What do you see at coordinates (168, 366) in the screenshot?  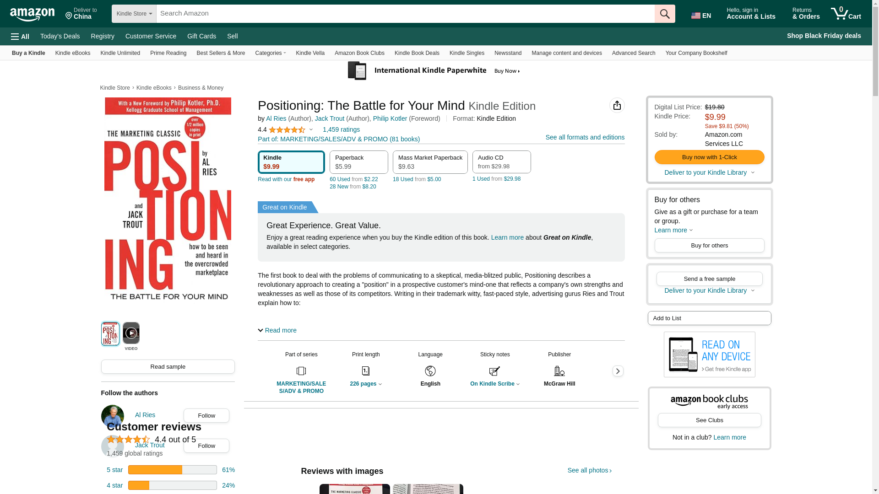 I see `'Read sample'` at bounding box center [168, 366].